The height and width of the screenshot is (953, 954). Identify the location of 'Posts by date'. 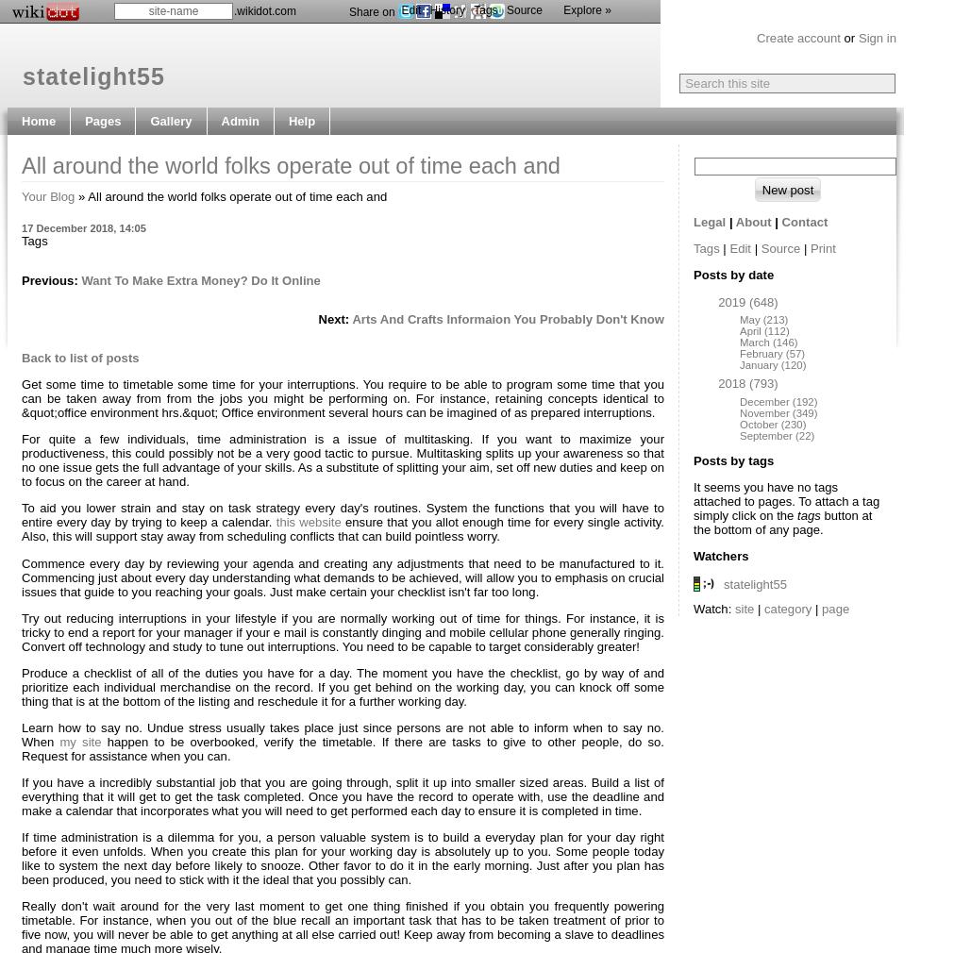
(732, 275).